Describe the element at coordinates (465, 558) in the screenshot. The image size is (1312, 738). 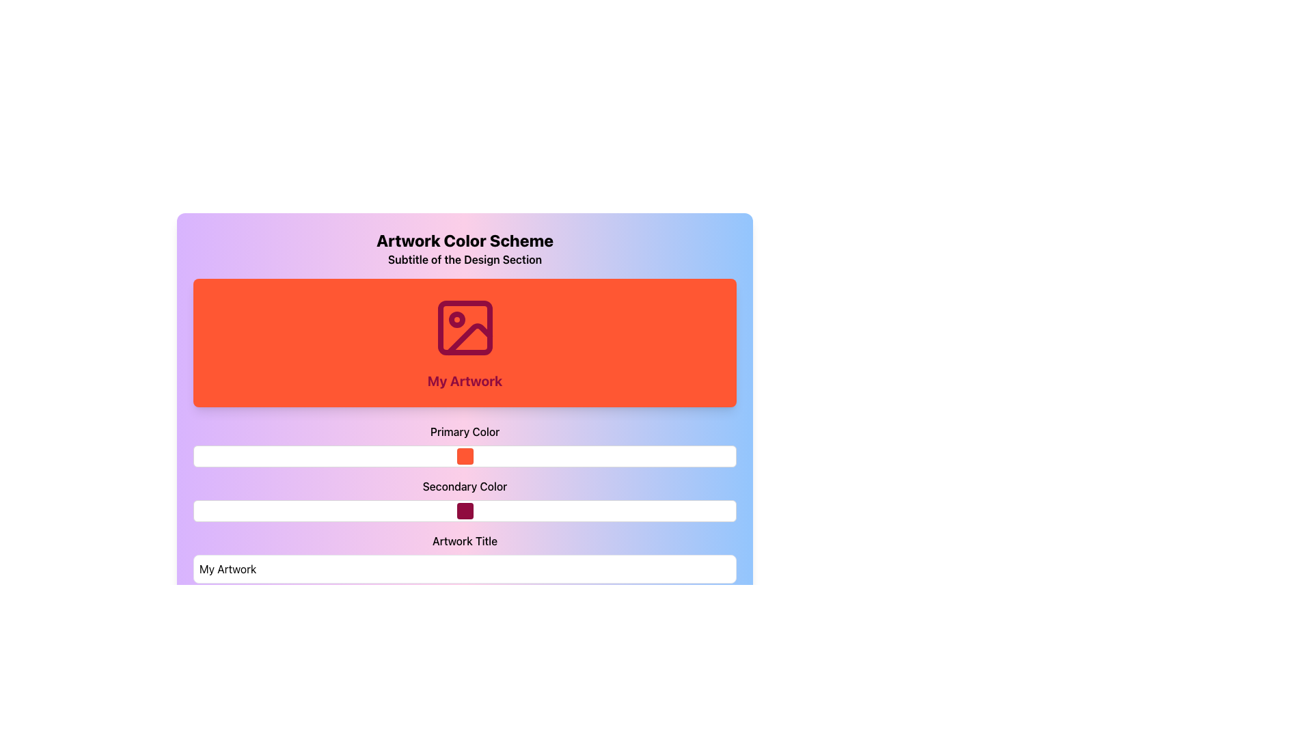
I see `the labeled text input field for artwork title to focus it` at that location.